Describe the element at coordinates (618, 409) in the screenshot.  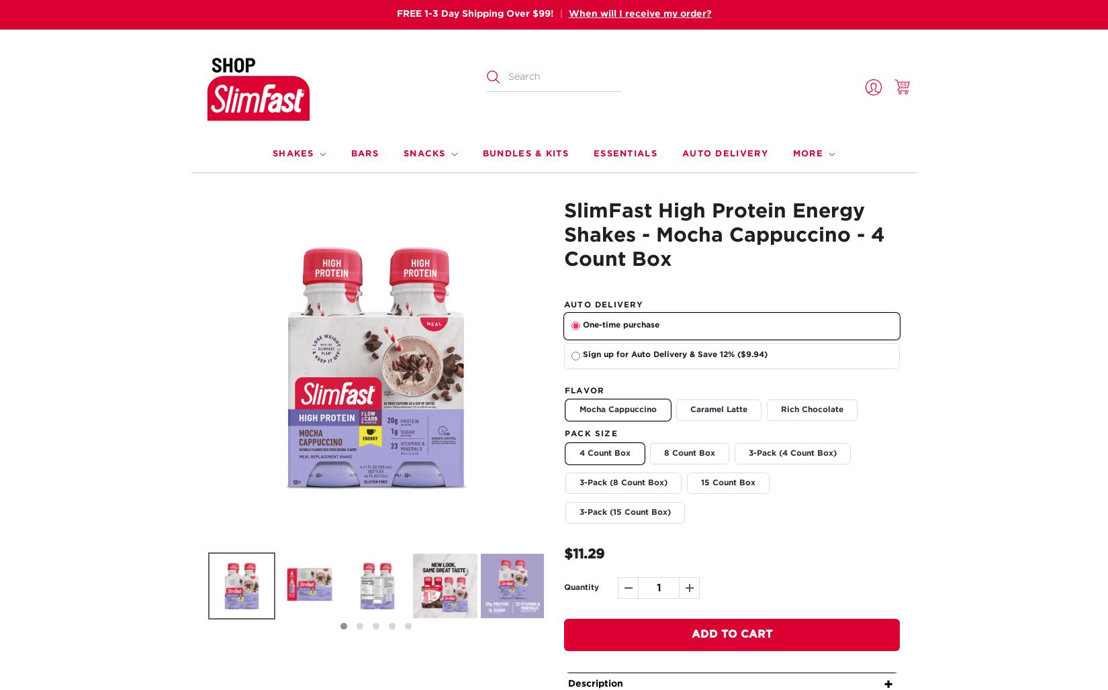
I see `'Mocha Cappuccino'` at that location.